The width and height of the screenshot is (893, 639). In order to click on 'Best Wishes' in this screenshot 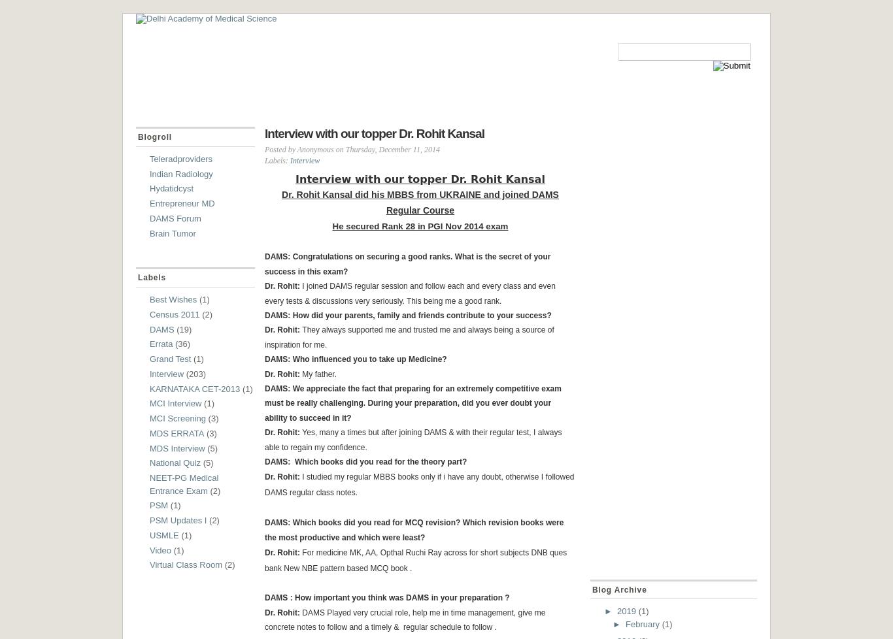, I will do `click(149, 299)`.